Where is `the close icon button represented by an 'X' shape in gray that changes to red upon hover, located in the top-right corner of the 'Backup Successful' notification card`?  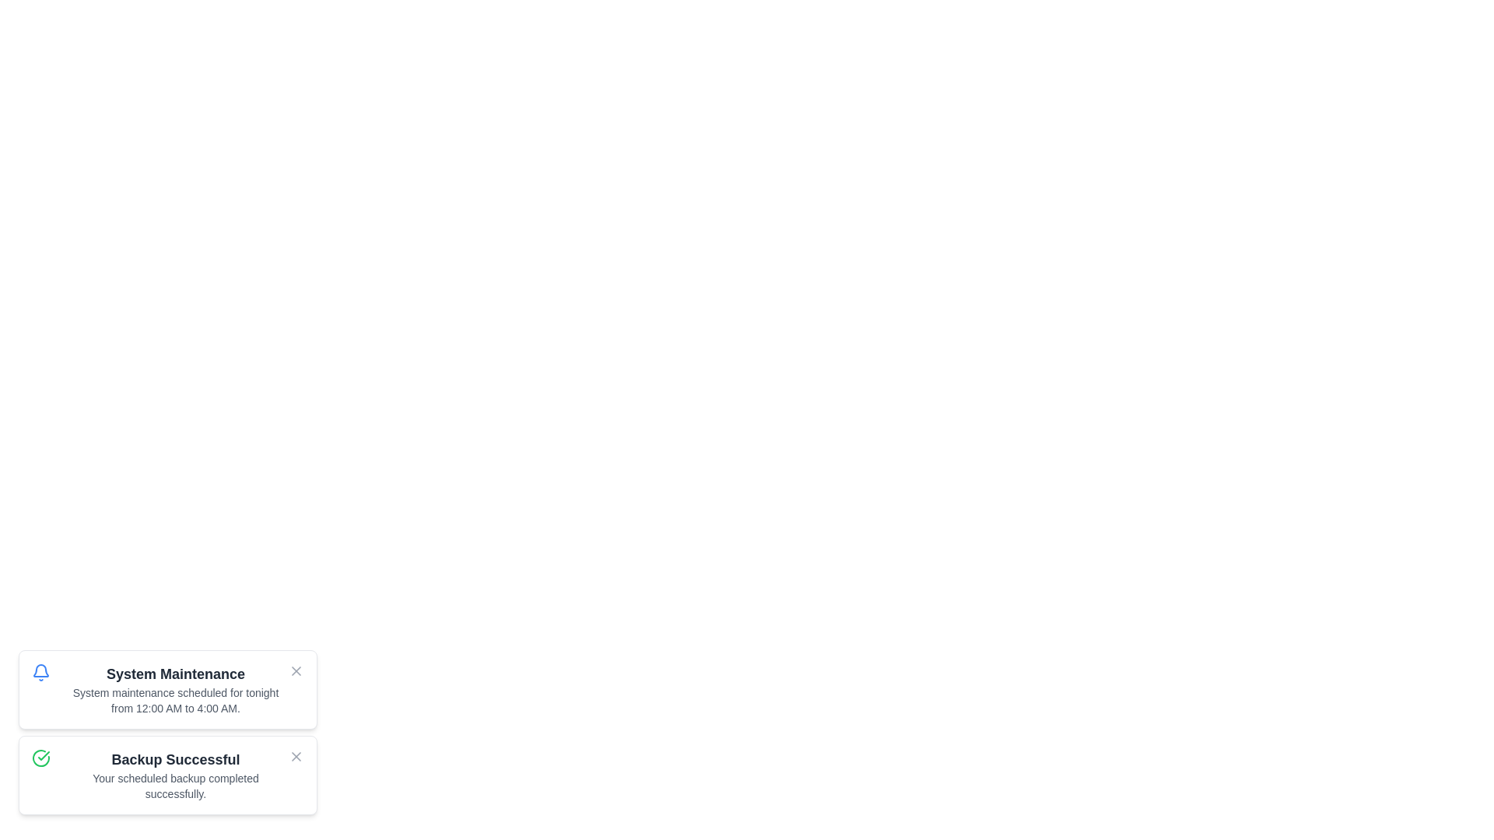
the close icon button represented by an 'X' shape in gray that changes to red upon hover, located in the top-right corner of the 'Backup Successful' notification card is located at coordinates (296, 755).